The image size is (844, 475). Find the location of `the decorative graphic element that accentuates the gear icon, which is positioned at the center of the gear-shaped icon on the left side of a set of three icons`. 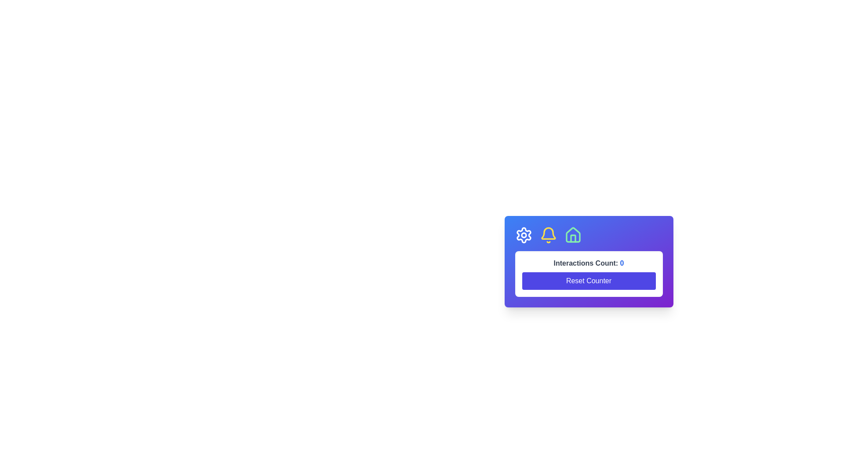

the decorative graphic element that accentuates the gear icon, which is positioned at the center of the gear-shaped icon on the left side of a set of three icons is located at coordinates (524, 235).